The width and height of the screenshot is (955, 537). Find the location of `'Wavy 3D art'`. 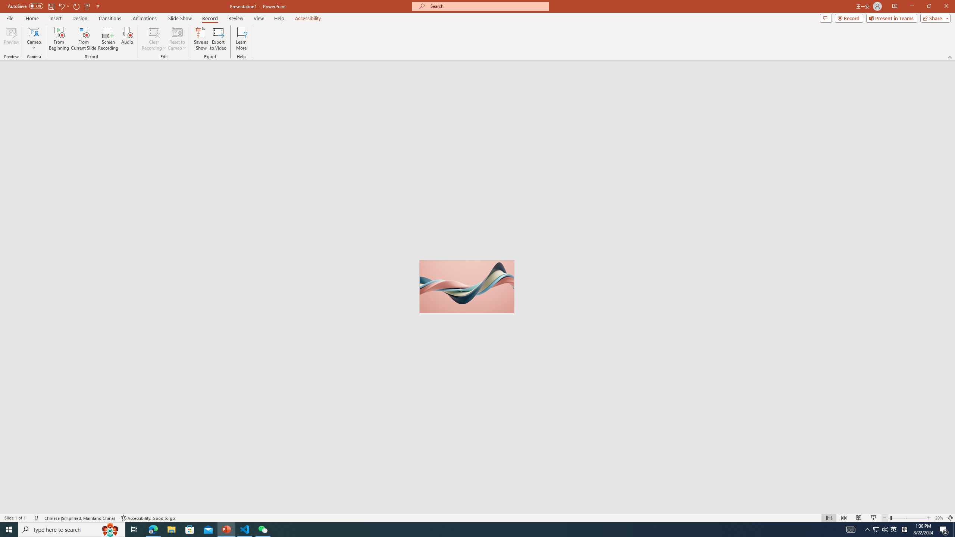

'Wavy 3D art' is located at coordinates (466, 286).